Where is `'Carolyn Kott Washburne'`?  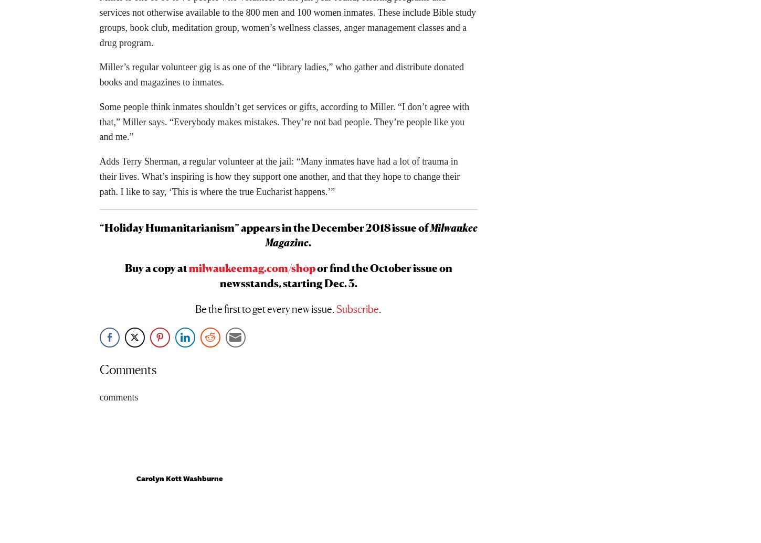
'Carolyn Kott Washburne' is located at coordinates (136, 482).